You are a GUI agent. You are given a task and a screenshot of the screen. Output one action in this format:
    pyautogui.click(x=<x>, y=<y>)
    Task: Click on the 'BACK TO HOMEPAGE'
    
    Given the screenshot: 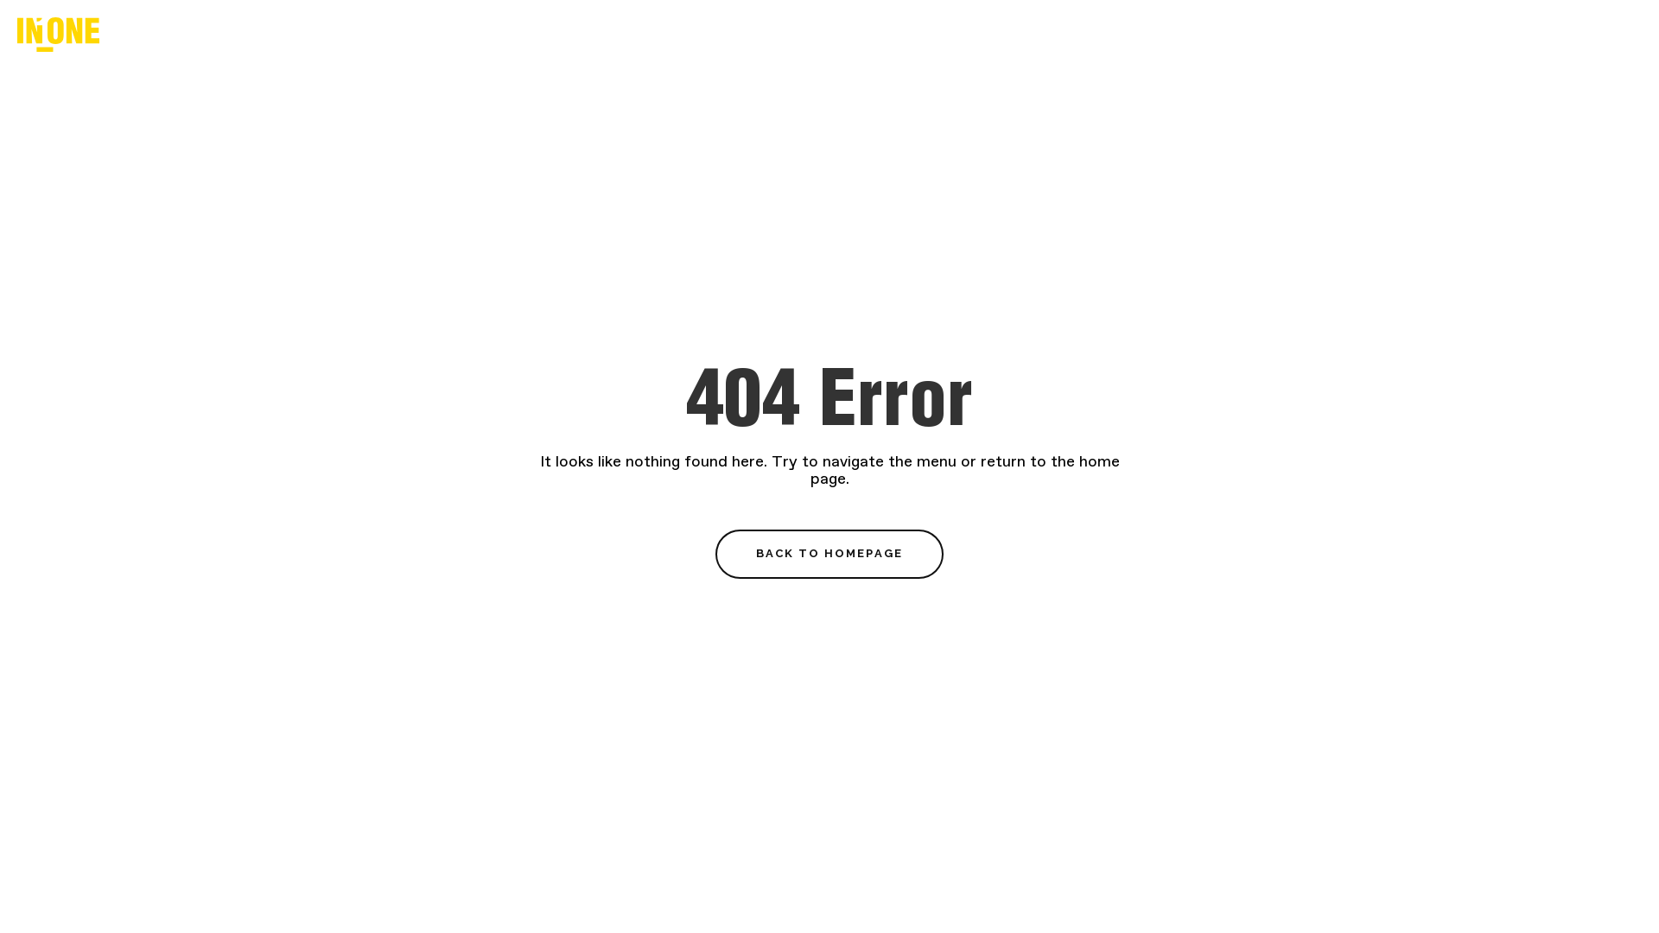 What is the action you would take?
    pyautogui.click(x=829, y=554)
    